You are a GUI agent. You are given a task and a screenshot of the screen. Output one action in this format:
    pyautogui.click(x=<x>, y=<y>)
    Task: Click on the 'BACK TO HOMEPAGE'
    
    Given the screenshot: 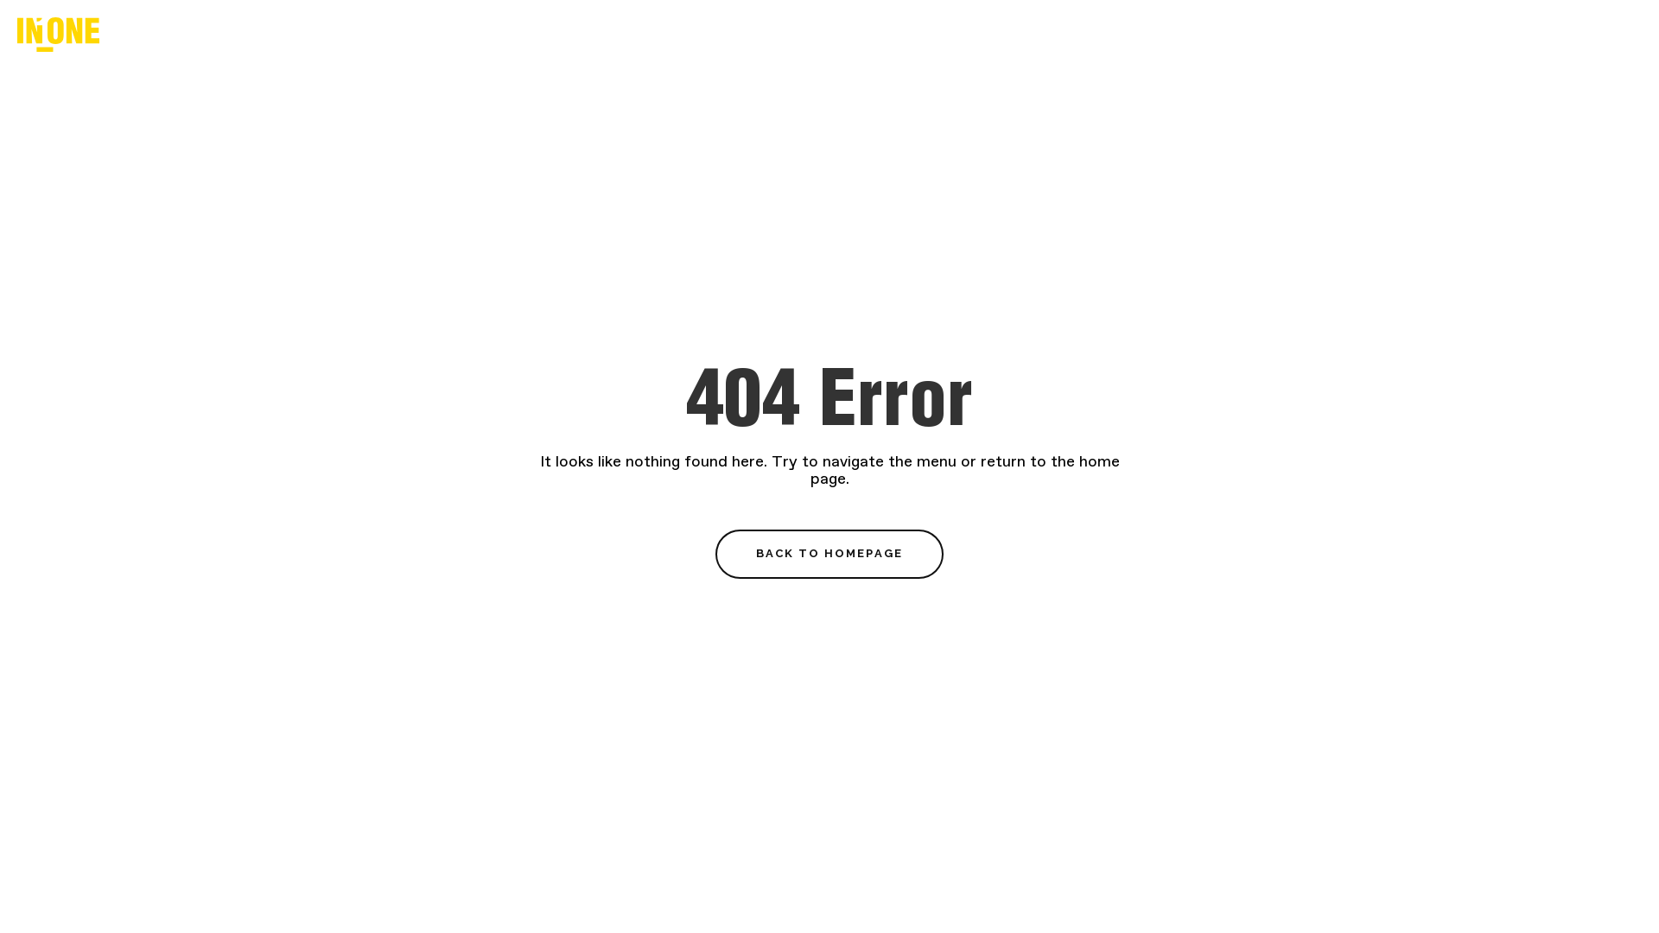 What is the action you would take?
    pyautogui.click(x=829, y=554)
    